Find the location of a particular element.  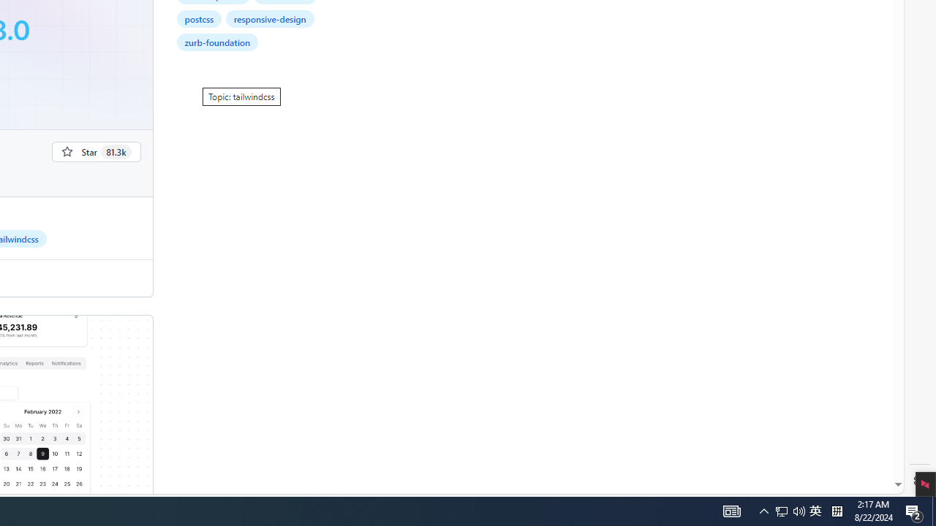

'You must be signed in to star a repository' is located at coordinates (95, 151).